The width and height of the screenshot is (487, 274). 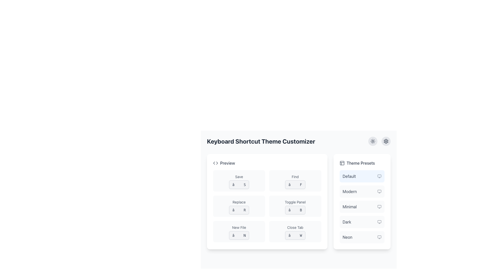 I want to click on the text label indicating the 'Close Tab' keyboard shortcut located in the lower-right quadrant of the interface, so click(x=295, y=227).